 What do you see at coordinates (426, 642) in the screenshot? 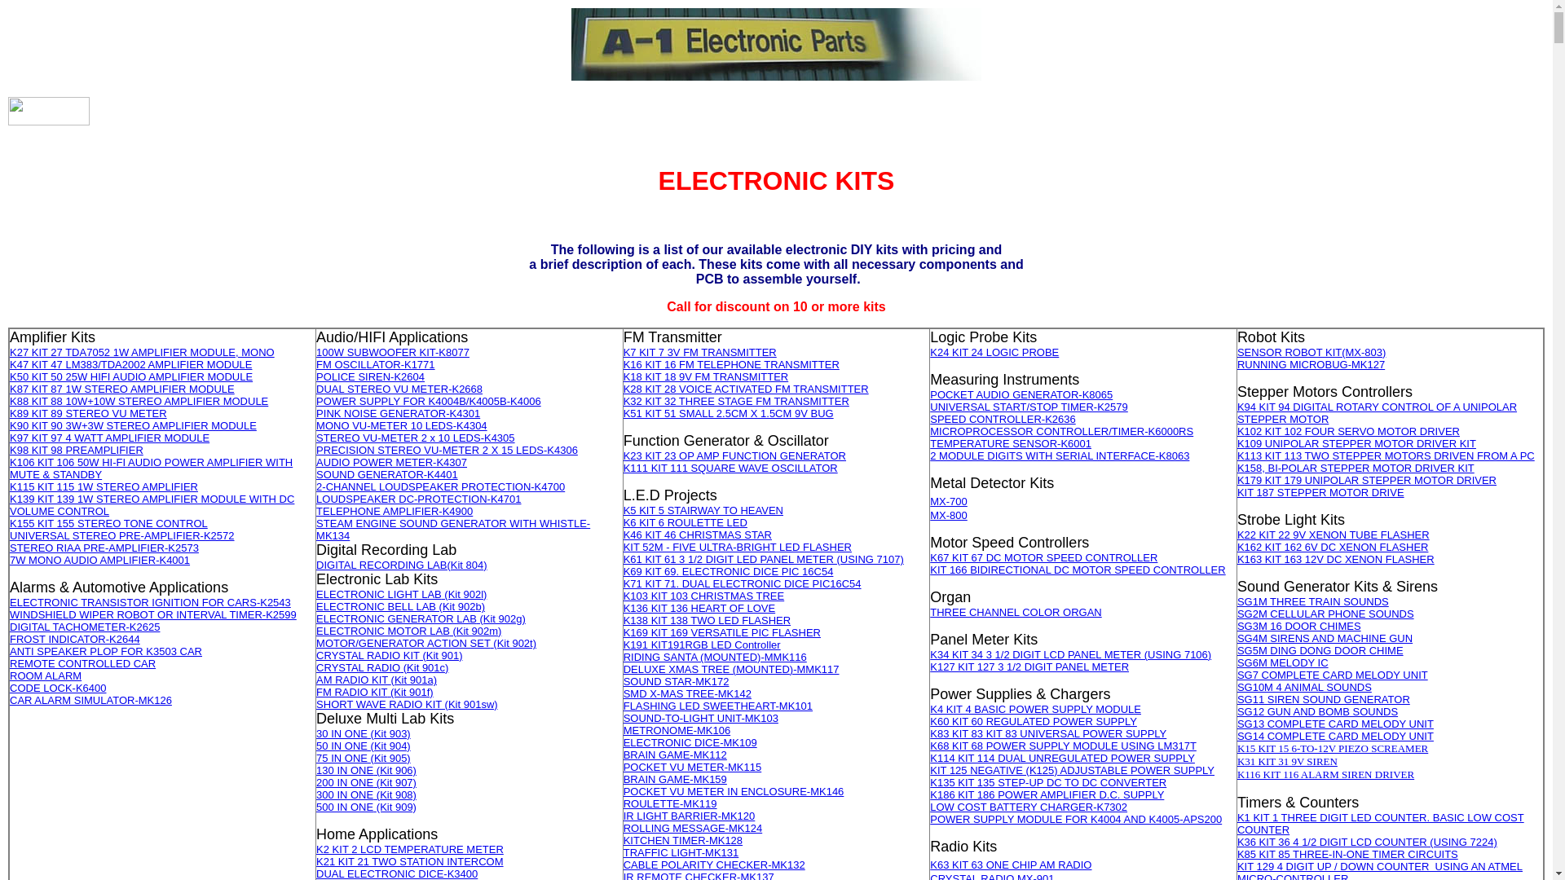
I see `'MOTOR/GENERATOR ACTION SET (Kit 902t)'` at bounding box center [426, 642].